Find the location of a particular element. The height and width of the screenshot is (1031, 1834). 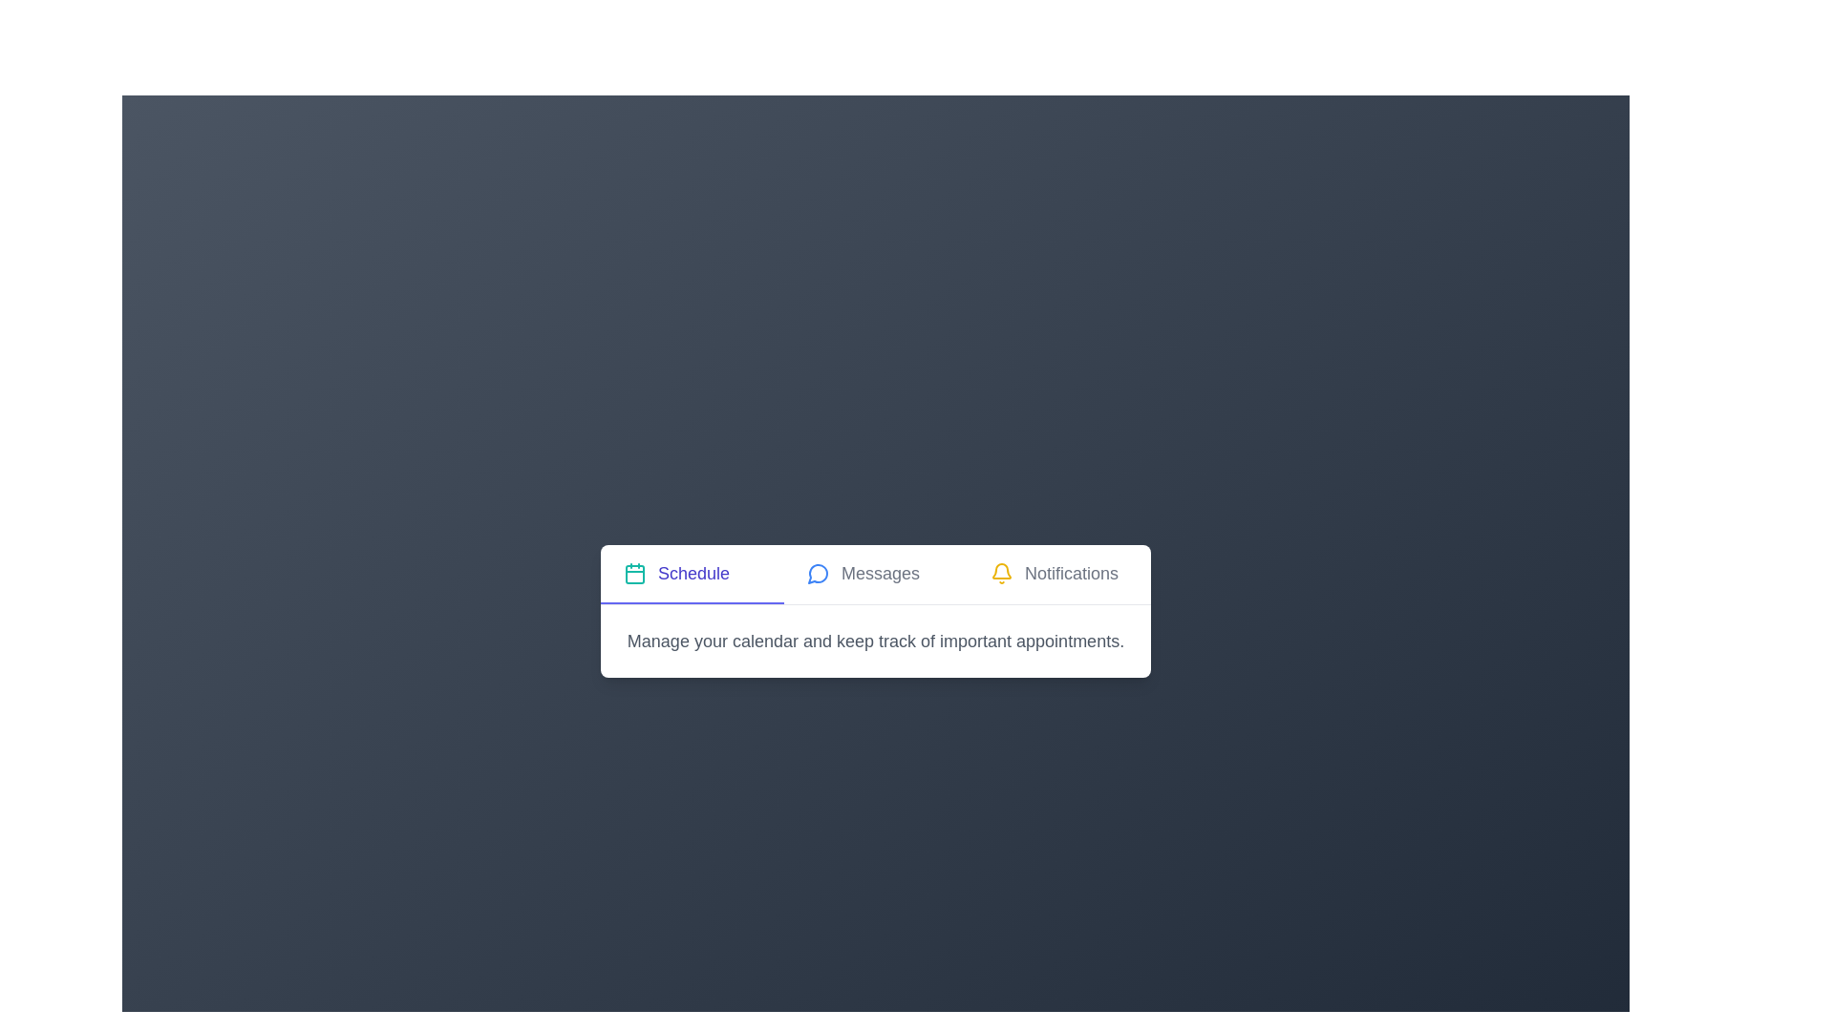

the Notifications tab is located at coordinates (1057, 573).